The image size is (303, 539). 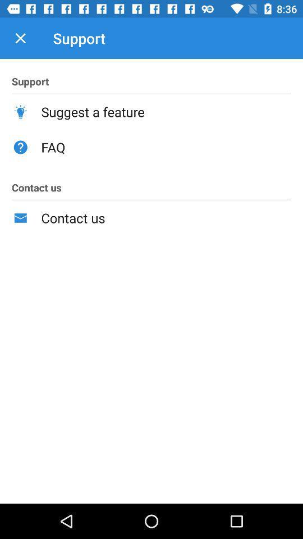 What do you see at coordinates (166, 112) in the screenshot?
I see `suggest a feature` at bounding box center [166, 112].